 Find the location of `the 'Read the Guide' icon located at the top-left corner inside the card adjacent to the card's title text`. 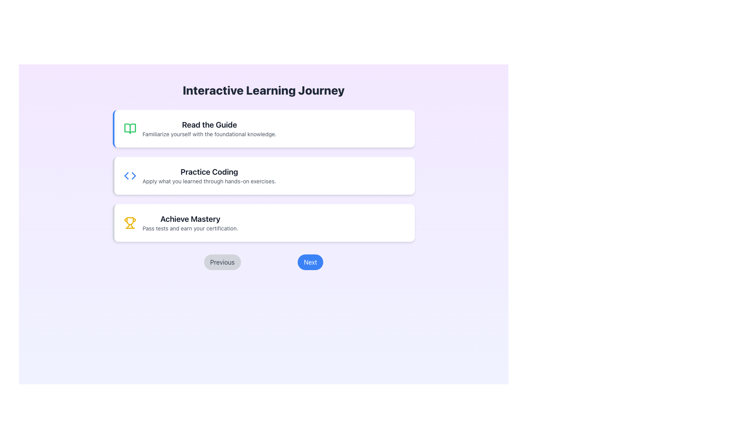

the 'Read the Guide' icon located at the top-left corner inside the card adjacent to the card's title text is located at coordinates (130, 128).